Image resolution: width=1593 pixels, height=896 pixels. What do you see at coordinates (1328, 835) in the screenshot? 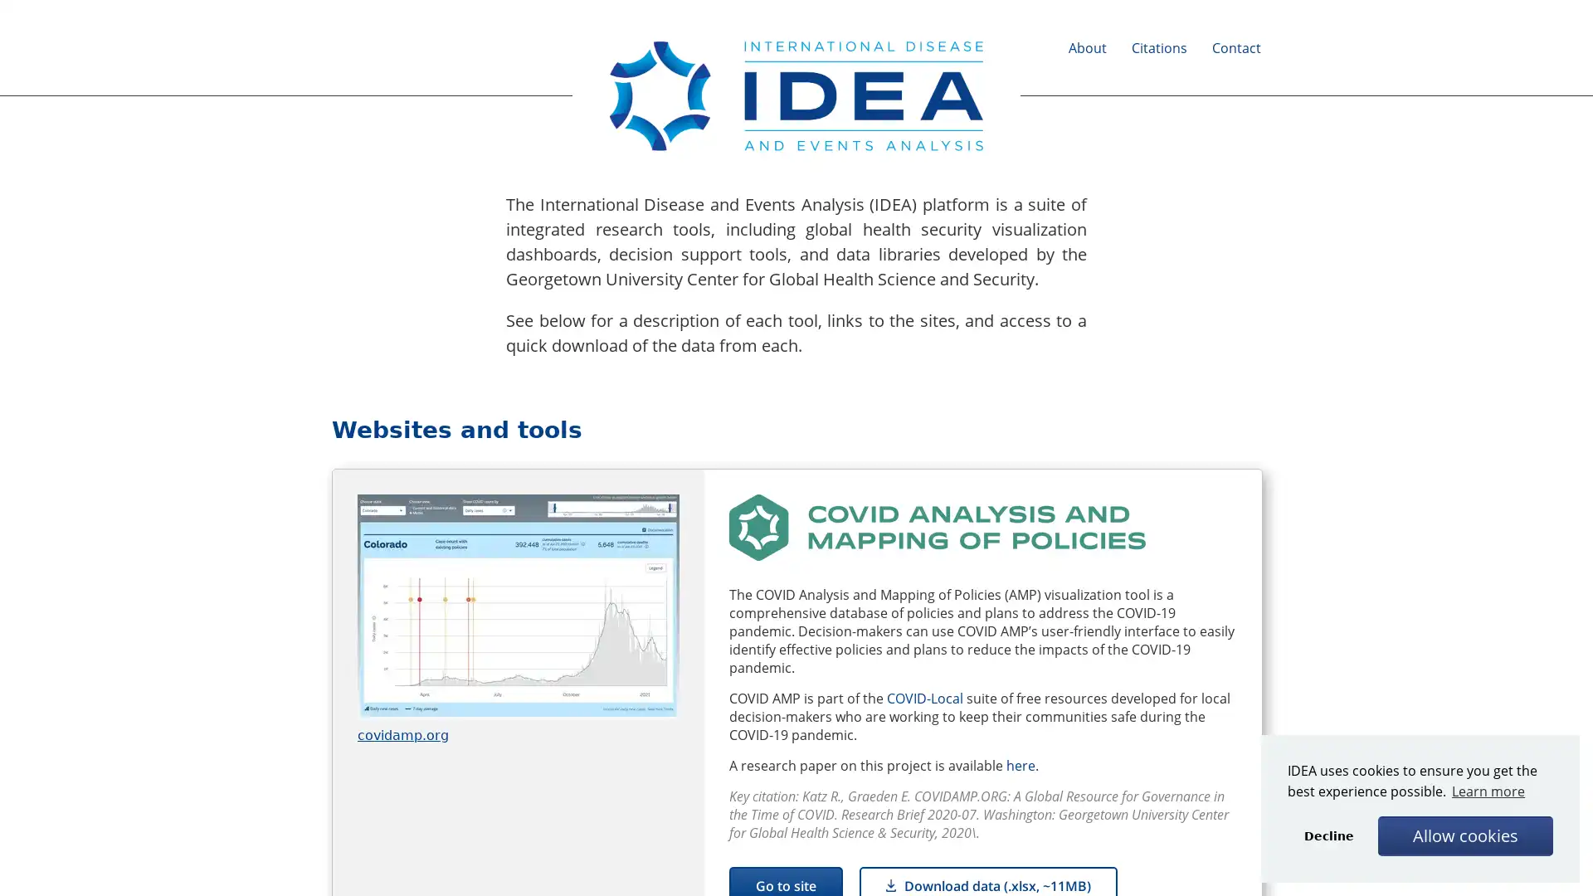
I see `deny cookies` at bounding box center [1328, 835].